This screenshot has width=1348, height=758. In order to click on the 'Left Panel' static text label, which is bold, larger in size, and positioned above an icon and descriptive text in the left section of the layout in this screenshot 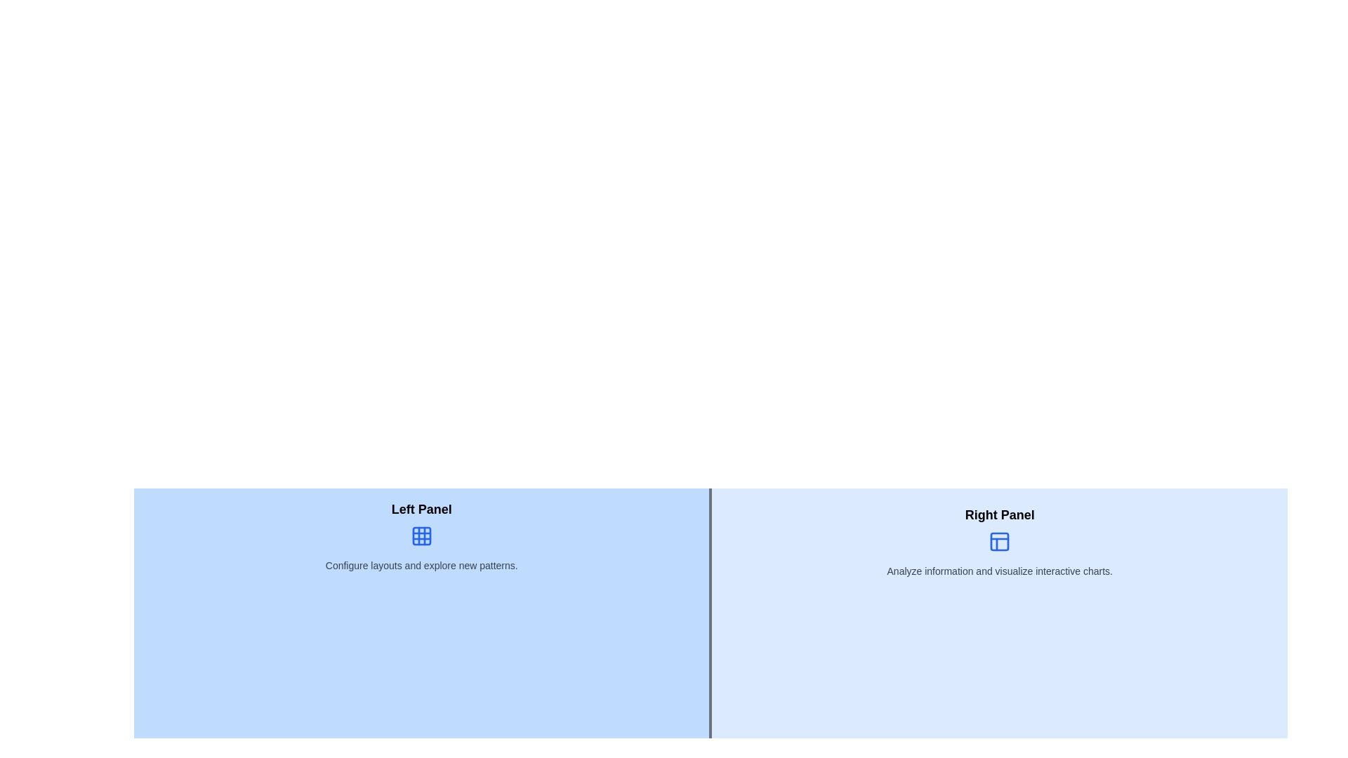, I will do `click(421, 509)`.